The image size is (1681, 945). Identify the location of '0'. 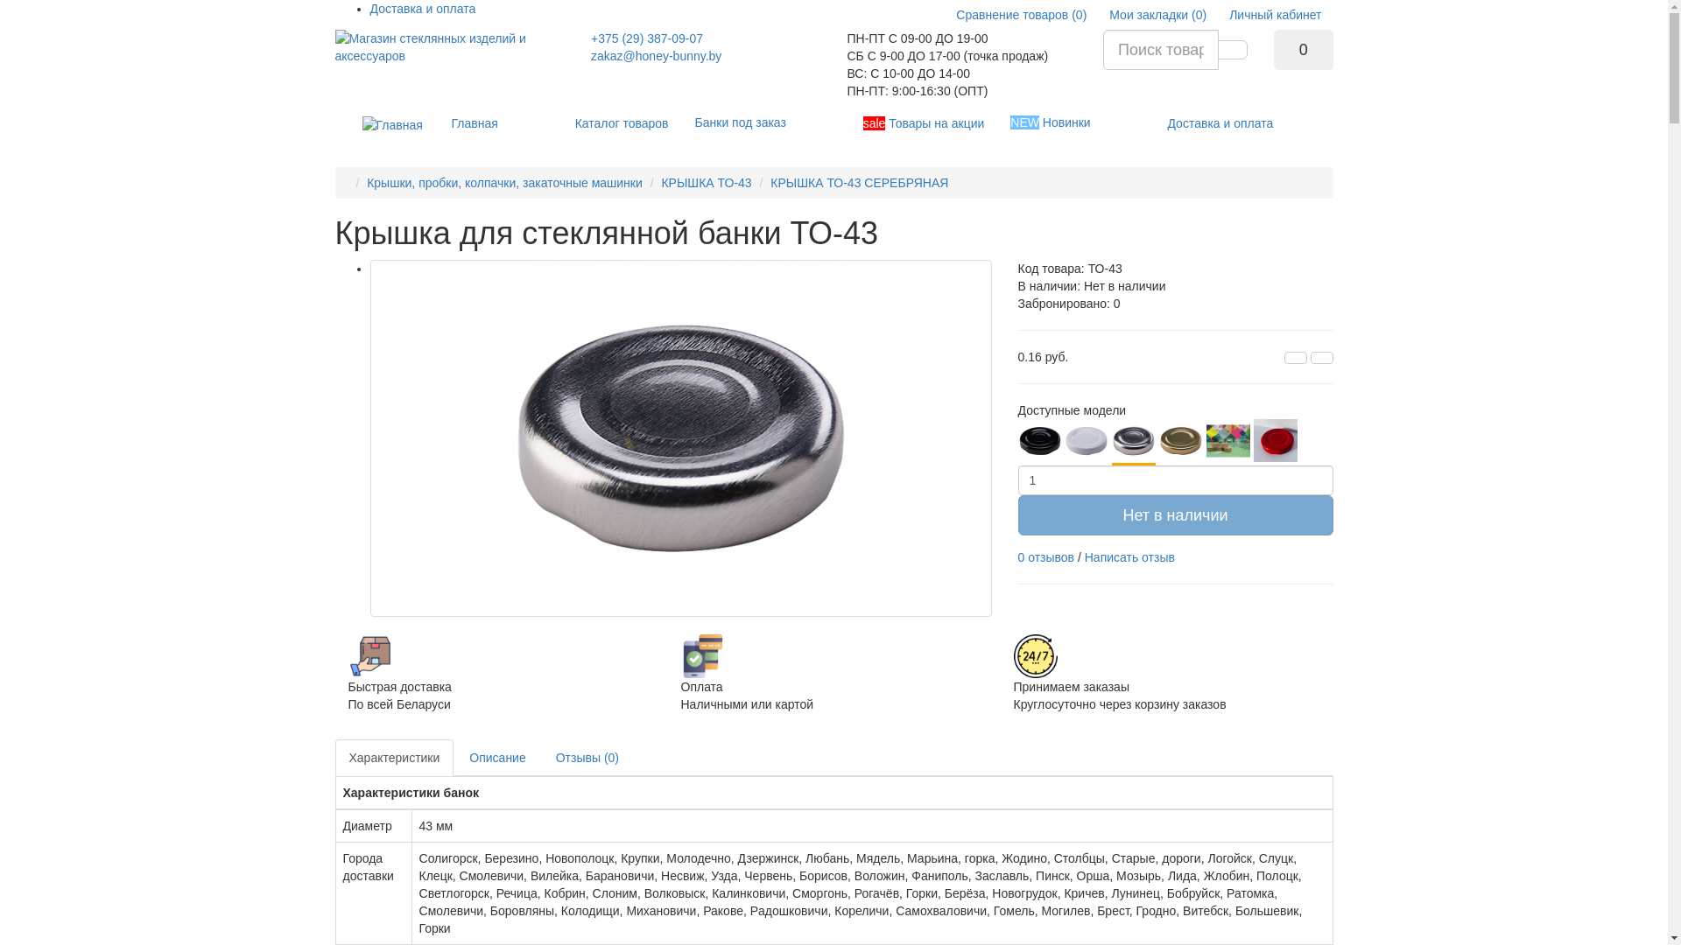
(1303, 49).